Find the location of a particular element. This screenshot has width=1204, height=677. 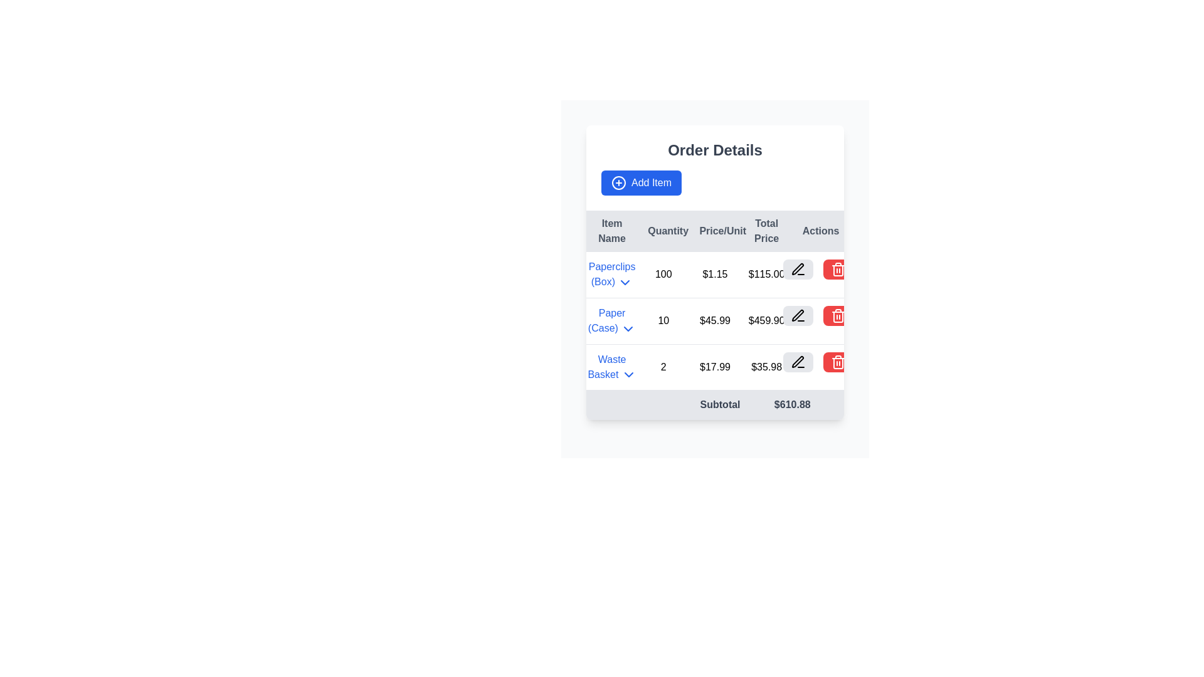

the circular icon with a blue outline and white plus sign located next to the 'Add Item' button label is located at coordinates (619, 183).